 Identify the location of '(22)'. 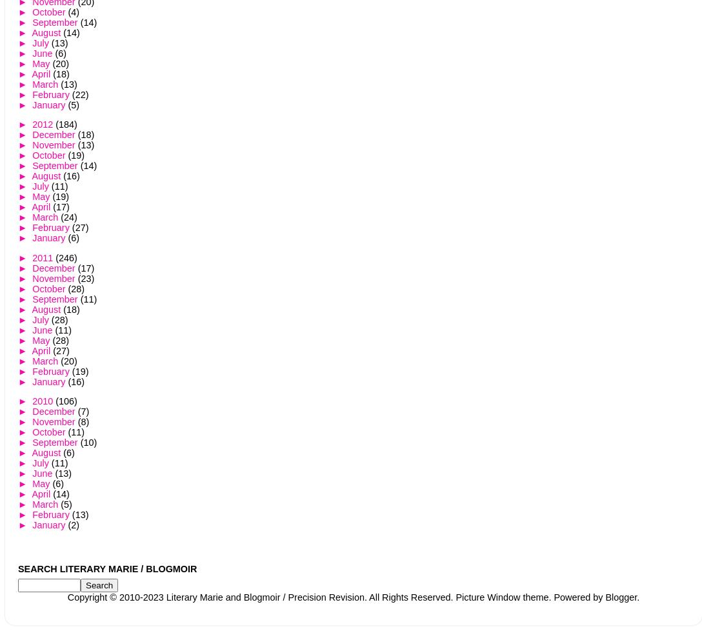
(71, 95).